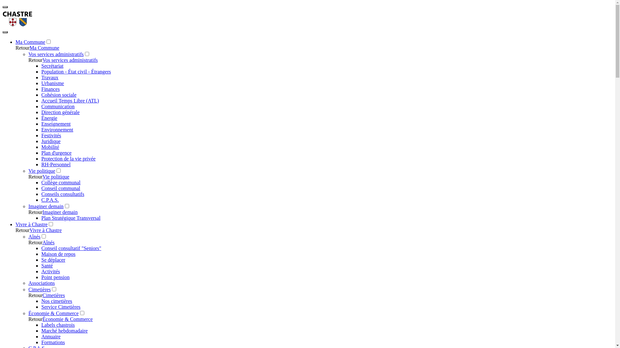  Describe the element at coordinates (60, 188) in the screenshot. I see `'Conseil communal'` at that location.